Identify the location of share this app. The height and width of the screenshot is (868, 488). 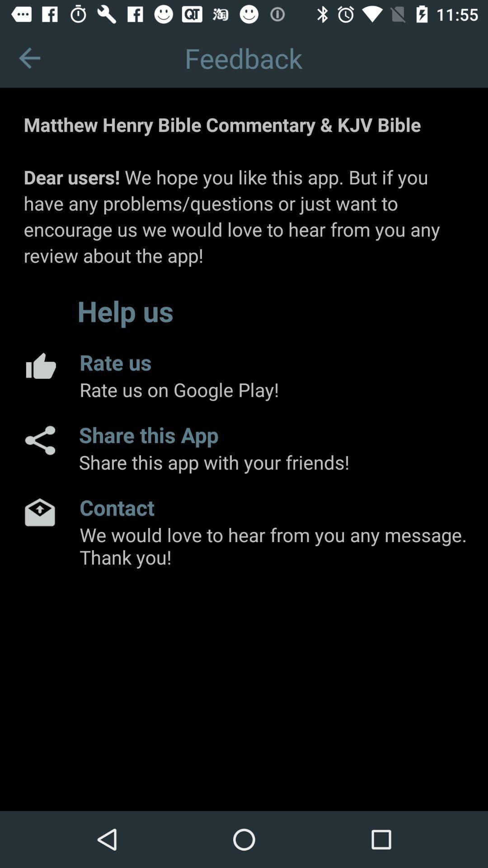
(39, 440).